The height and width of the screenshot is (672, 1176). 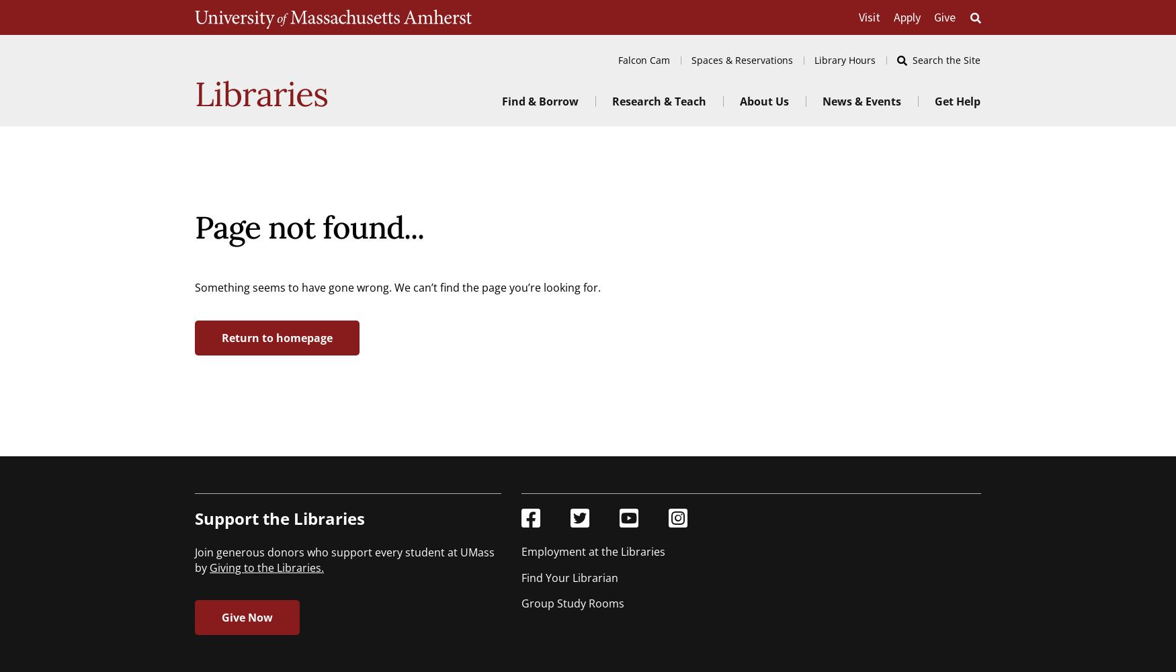 I want to click on 'Spaces & Reservations', so click(x=742, y=58).